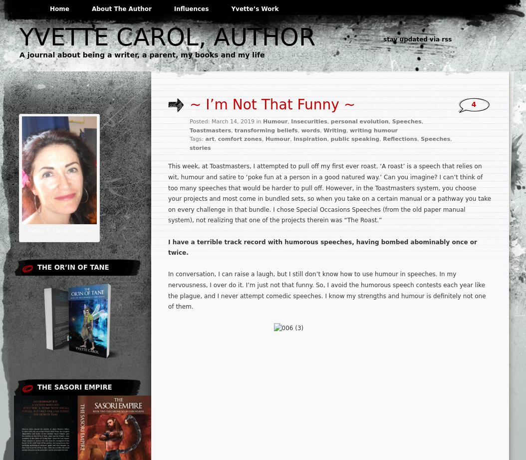  Describe the element at coordinates (330, 121) in the screenshot. I see `'personal evolution'` at that location.